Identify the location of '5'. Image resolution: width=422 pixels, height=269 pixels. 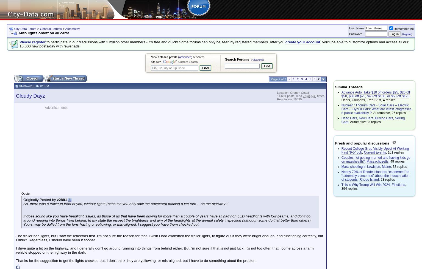
(309, 79).